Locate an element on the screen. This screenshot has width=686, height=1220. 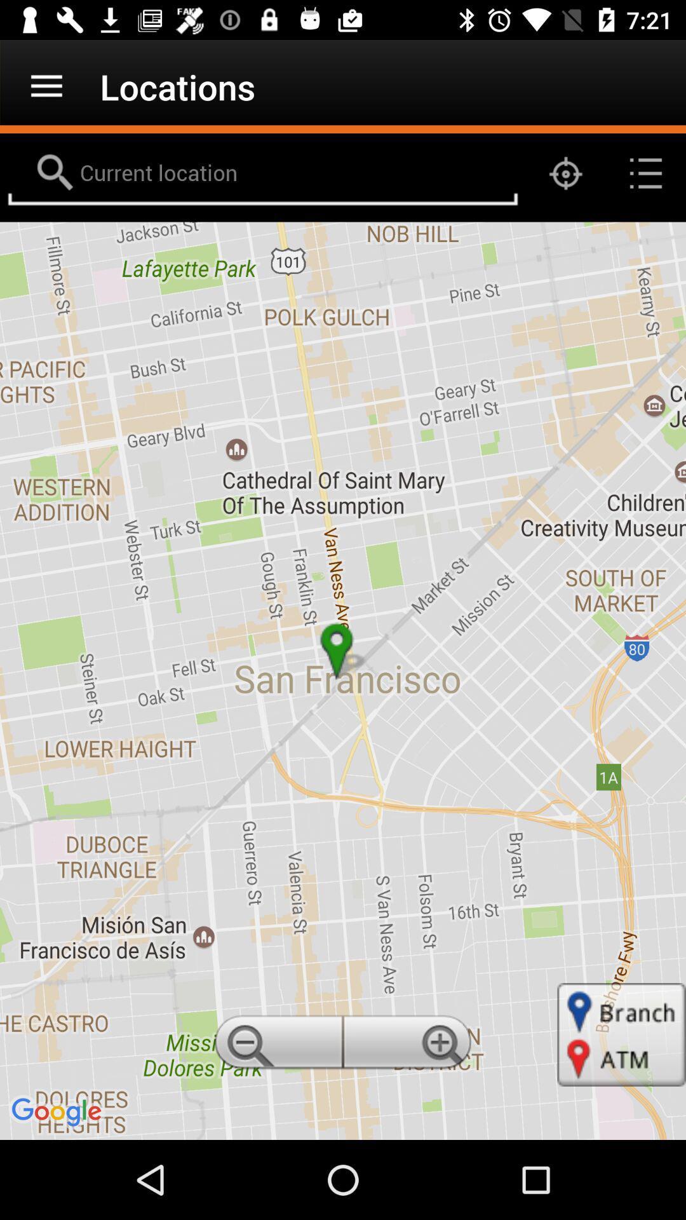
zoom out is located at coordinates (276, 1046).